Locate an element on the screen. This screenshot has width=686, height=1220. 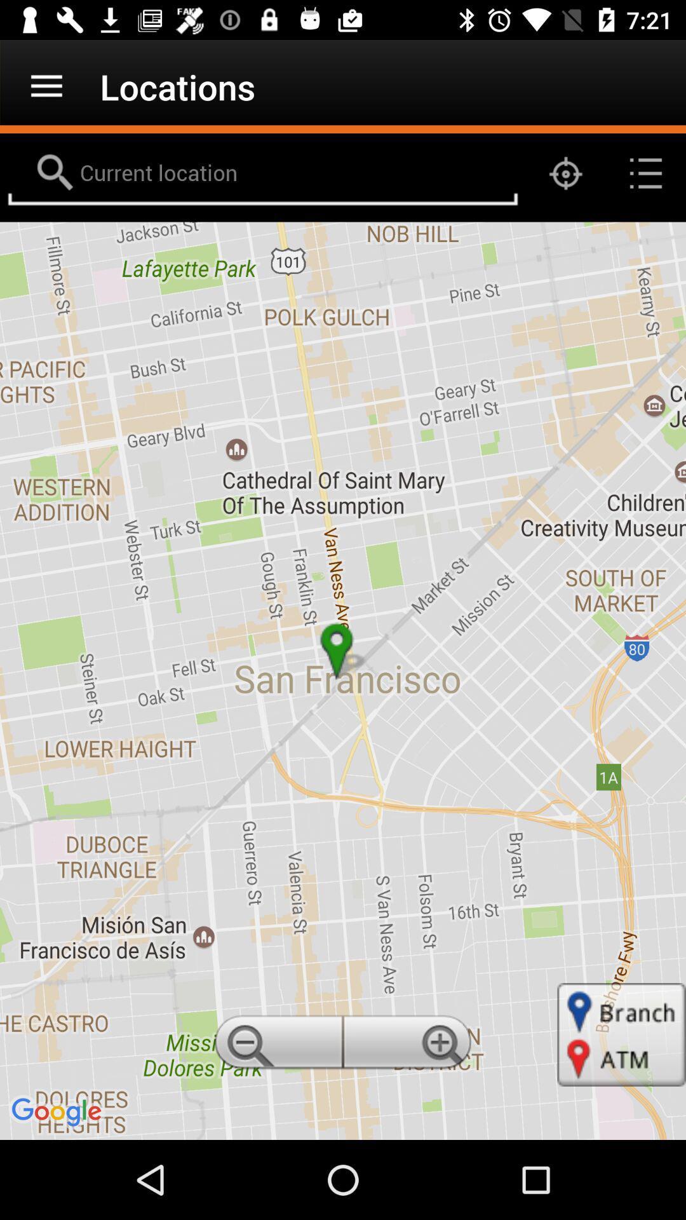
zoom out is located at coordinates (276, 1046).